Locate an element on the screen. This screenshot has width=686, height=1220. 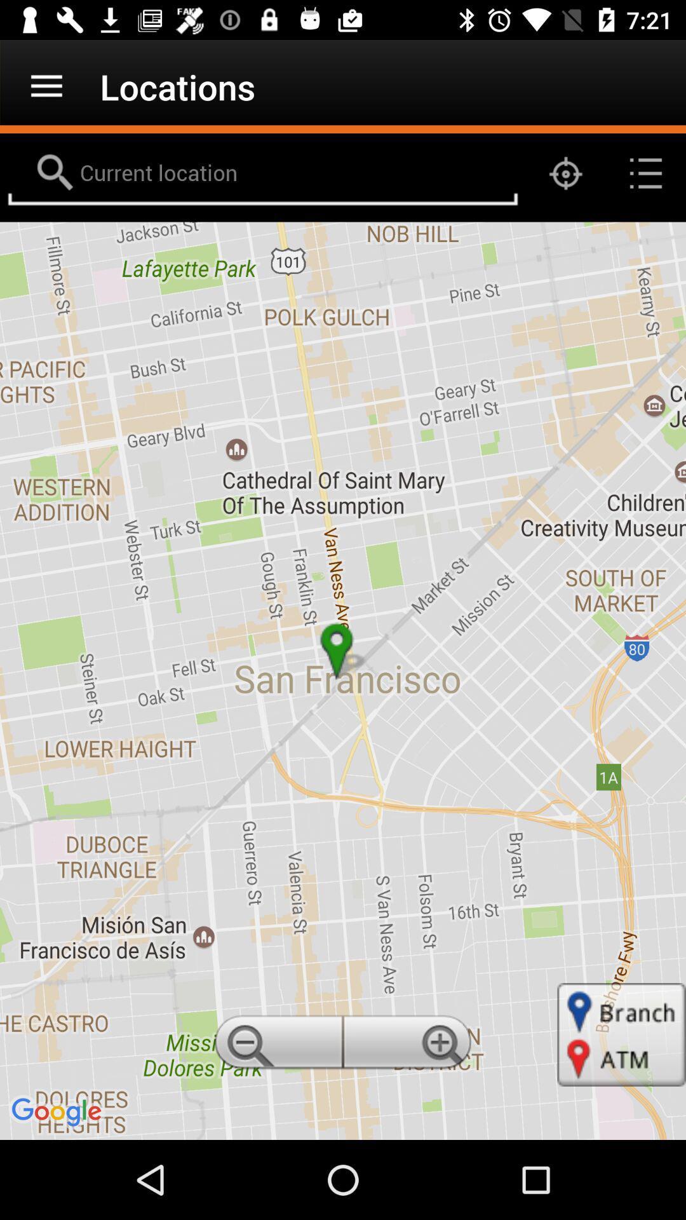
zoom out is located at coordinates (276, 1046).